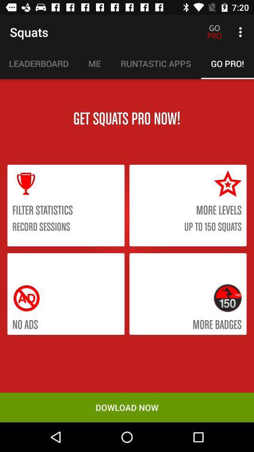  What do you see at coordinates (156, 63) in the screenshot?
I see `item next to the me icon` at bounding box center [156, 63].